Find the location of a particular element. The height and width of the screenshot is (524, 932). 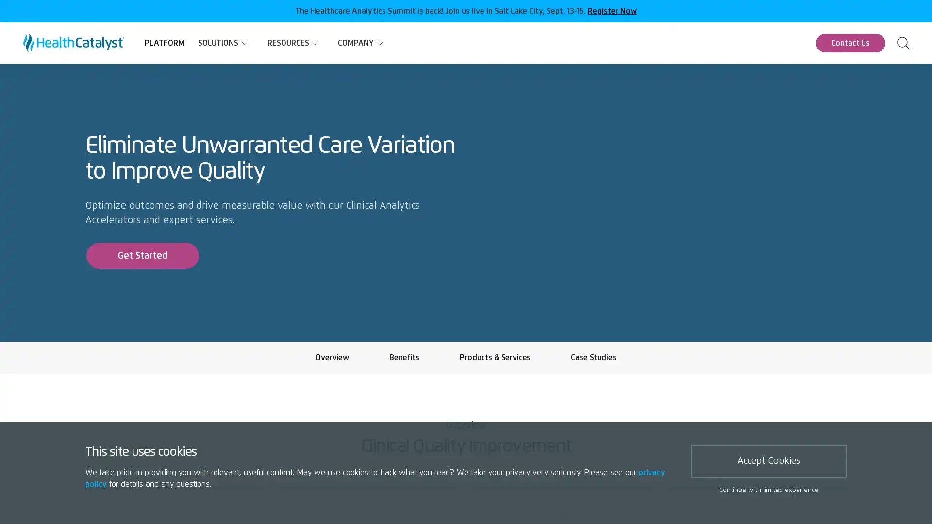

Continue with limited experience is located at coordinates (768, 490).